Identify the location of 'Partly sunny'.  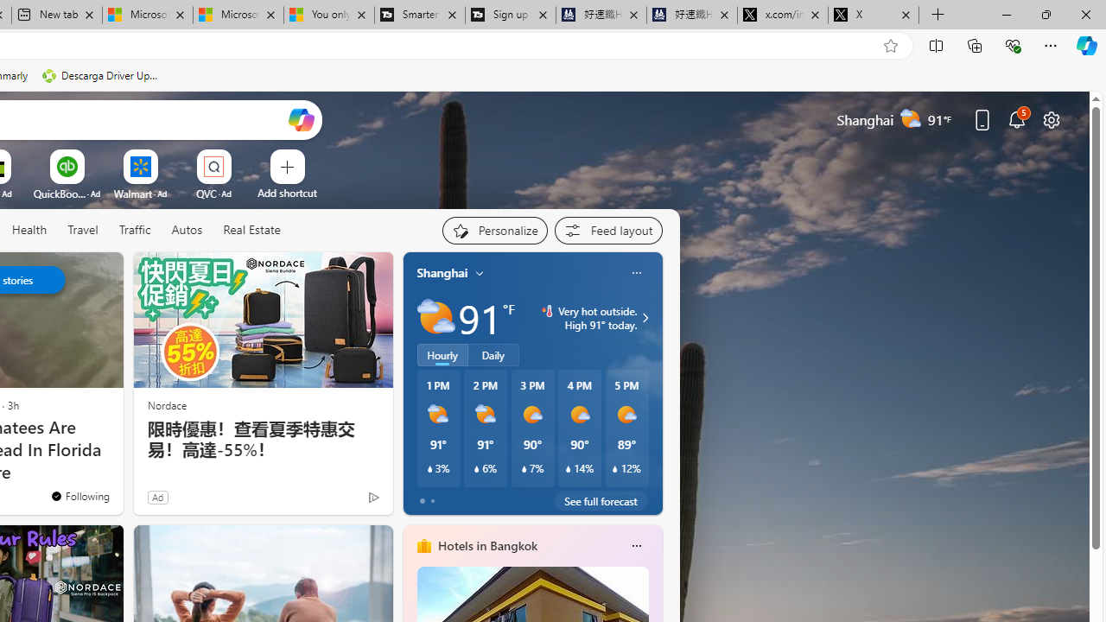
(435, 318).